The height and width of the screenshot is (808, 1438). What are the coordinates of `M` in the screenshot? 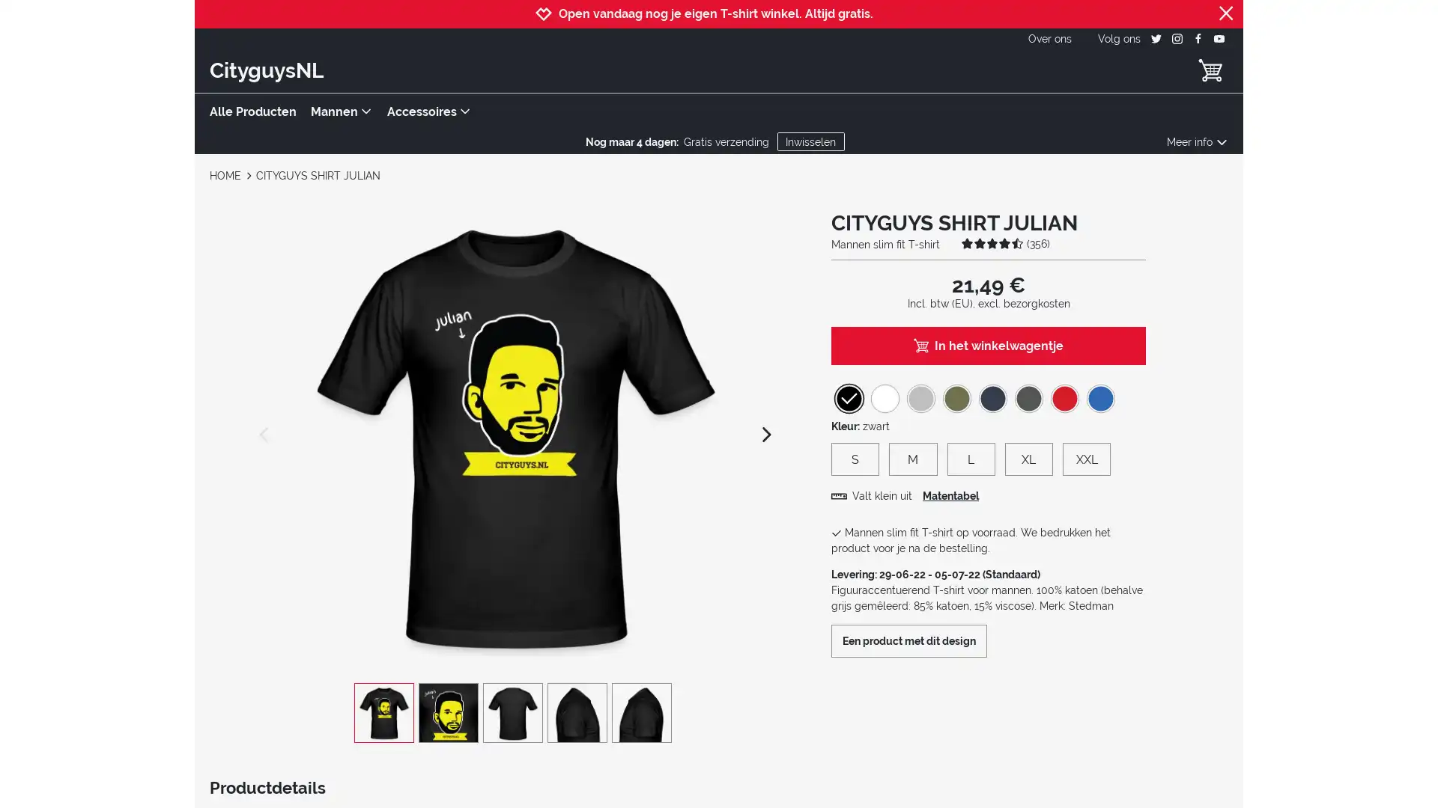 It's located at (912, 458).